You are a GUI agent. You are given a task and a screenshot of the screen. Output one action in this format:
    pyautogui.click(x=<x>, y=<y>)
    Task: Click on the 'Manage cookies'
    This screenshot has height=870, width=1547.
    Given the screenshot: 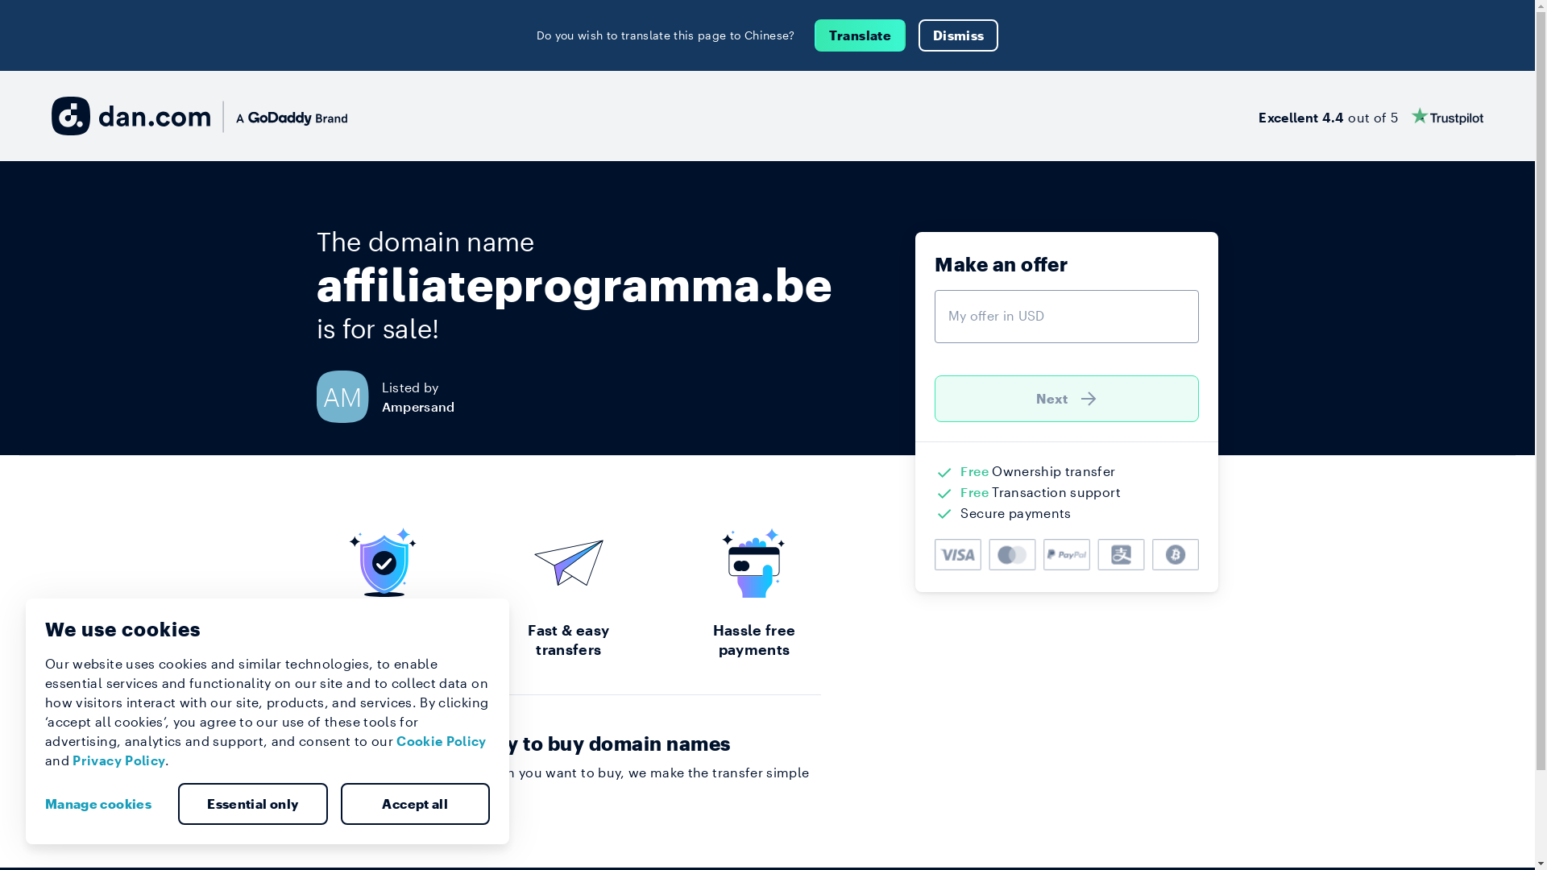 What is the action you would take?
    pyautogui.click(x=103, y=804)
    